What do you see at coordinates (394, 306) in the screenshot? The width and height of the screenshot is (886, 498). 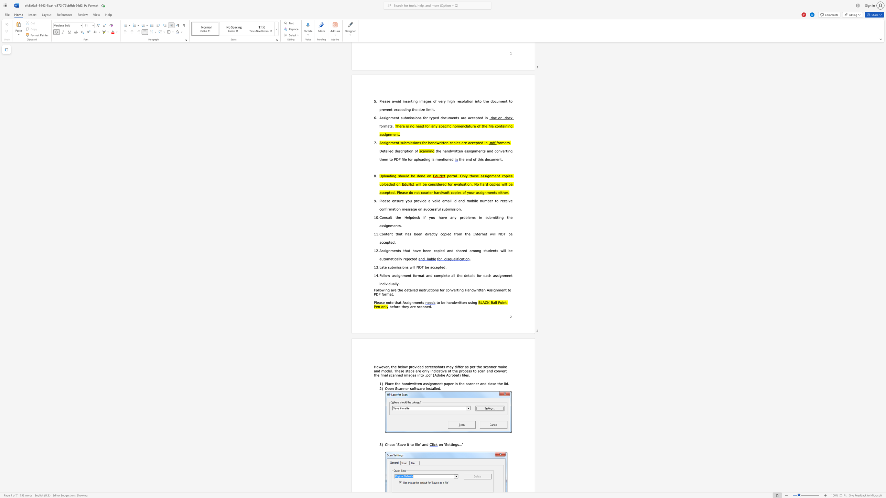 I see `the subset text "ore th" within the text "before they are scanned."` at bounding box center [394, 306].